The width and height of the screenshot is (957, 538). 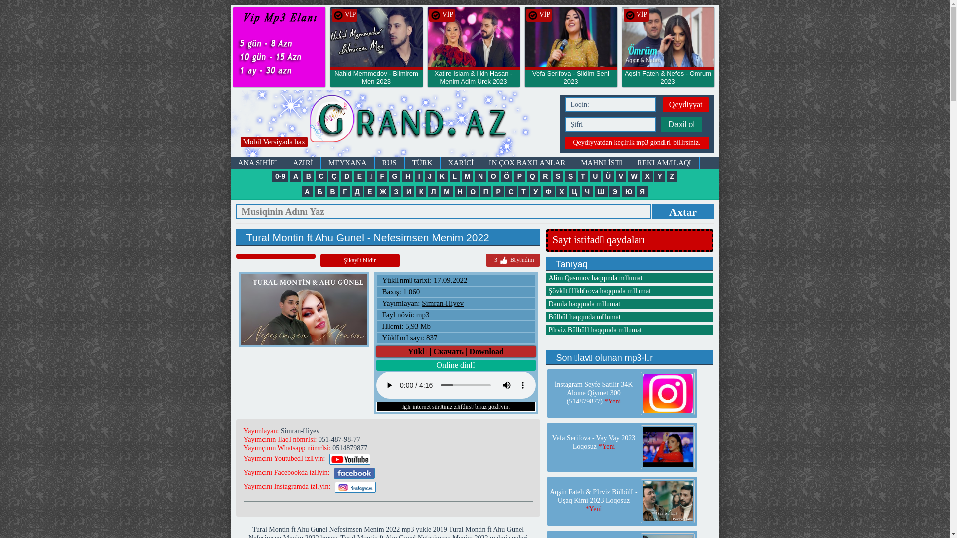 I want to click on 'P', so click(x=514, y=176).